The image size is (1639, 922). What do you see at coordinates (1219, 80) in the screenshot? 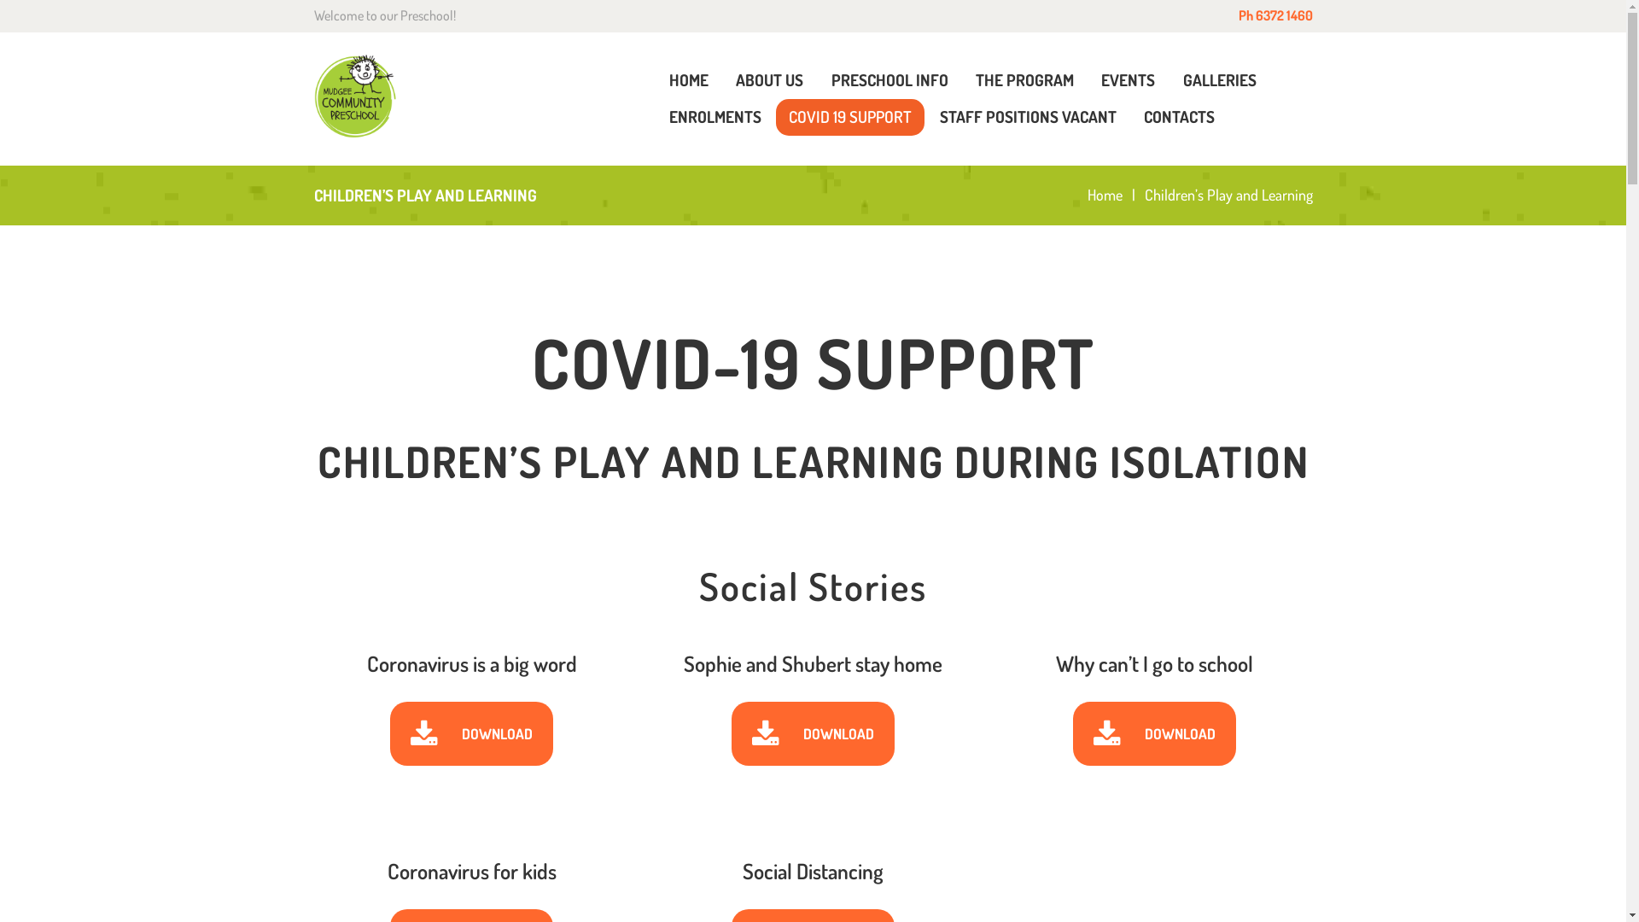
I see `'GALLERIES'` at bounding box center [1219, 80].